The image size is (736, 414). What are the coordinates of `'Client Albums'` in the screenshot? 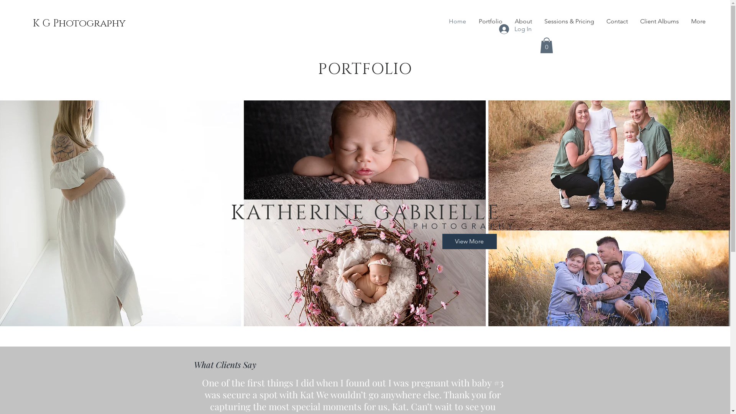 It's located at (659, 21).